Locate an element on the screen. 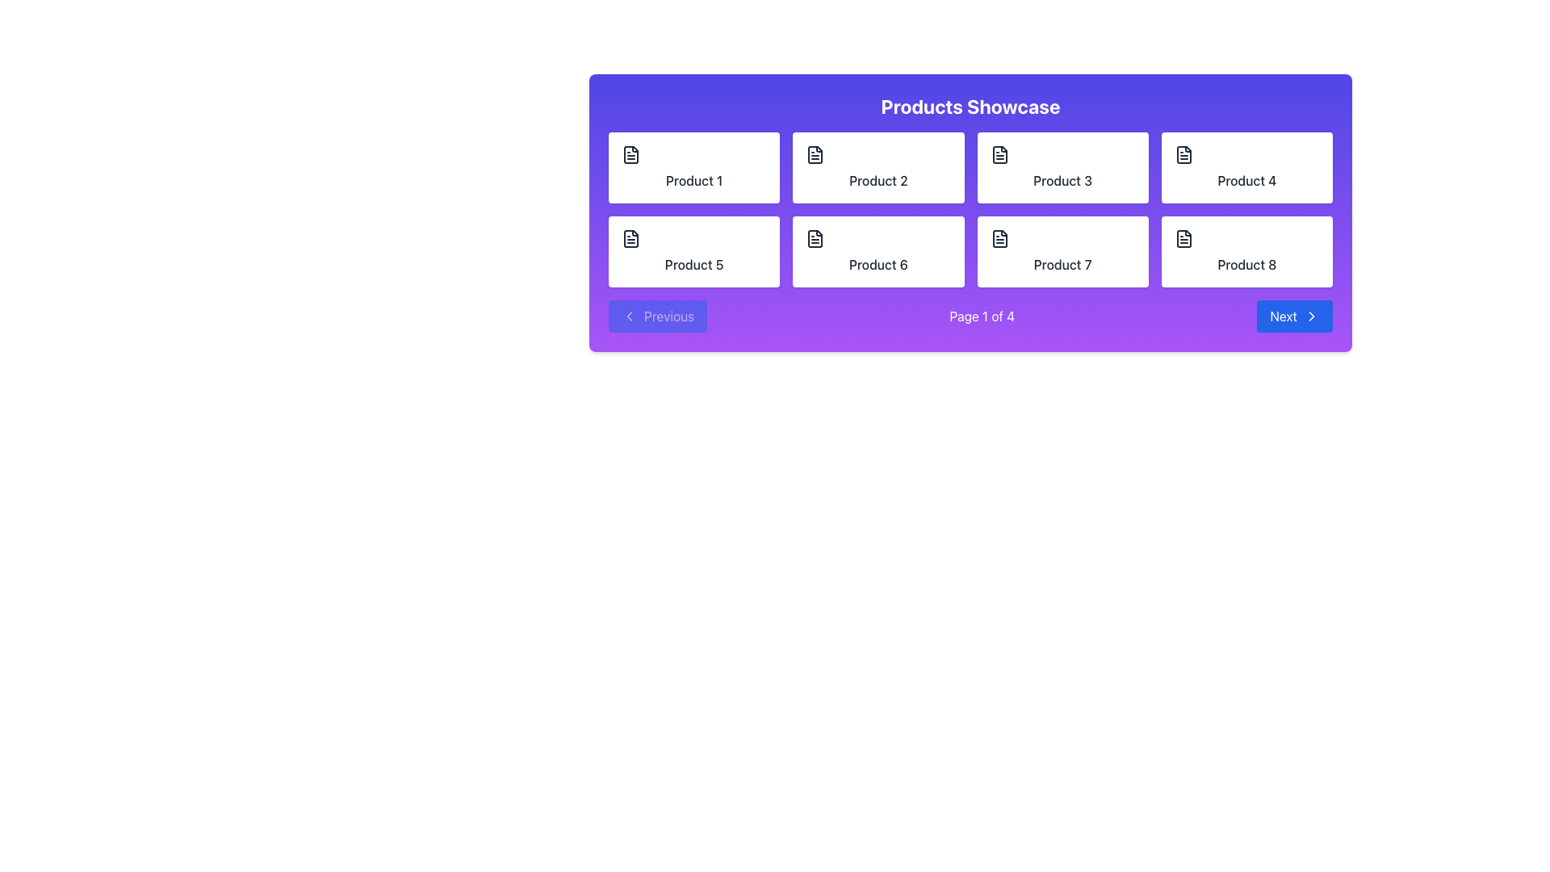  the SVG icon representing 'Product 6' located at the top-left corner of its card in the 'Products Showcase' grid is located at coordinates (815, 239).